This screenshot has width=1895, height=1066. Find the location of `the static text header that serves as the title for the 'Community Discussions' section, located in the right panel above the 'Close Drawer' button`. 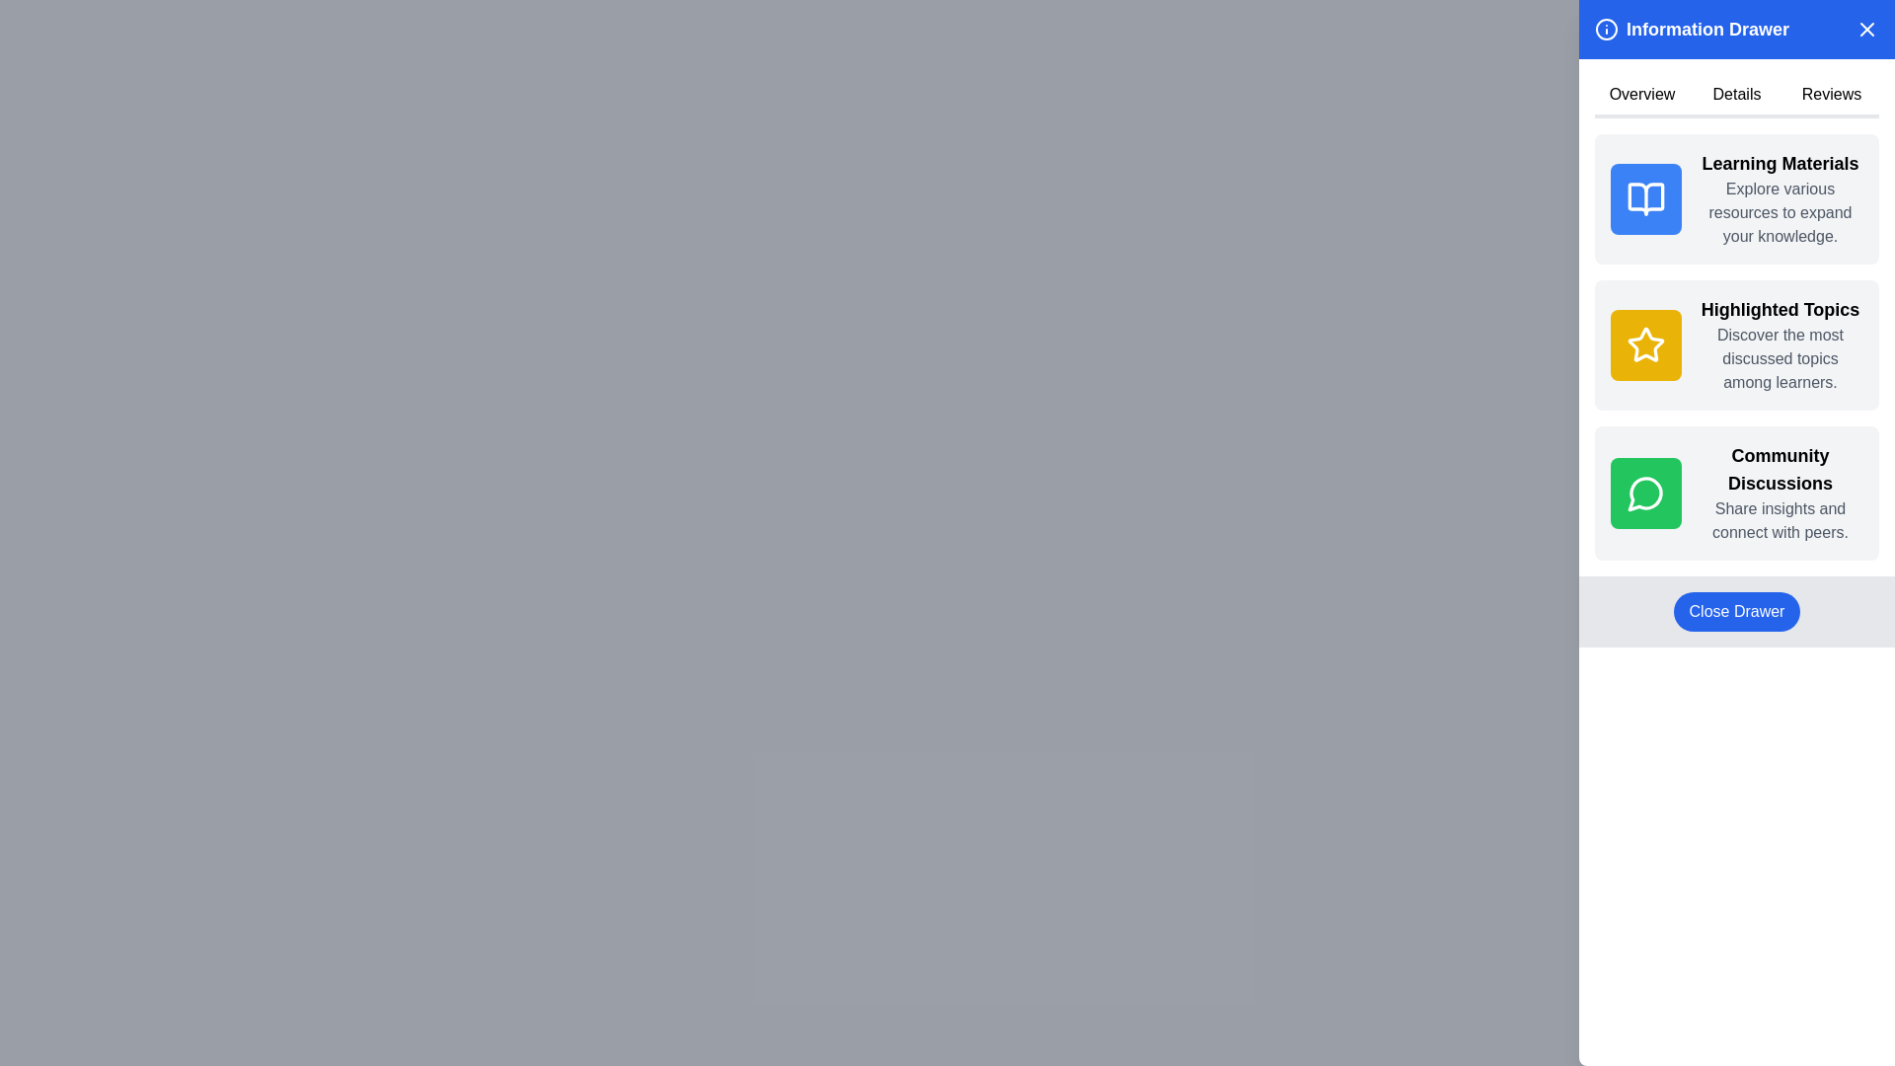

the static text header that serves as the title for the 'Community Discussions' section, located in the right panel above the 'Close Drawer' button is located at coordinates (1781, 469).